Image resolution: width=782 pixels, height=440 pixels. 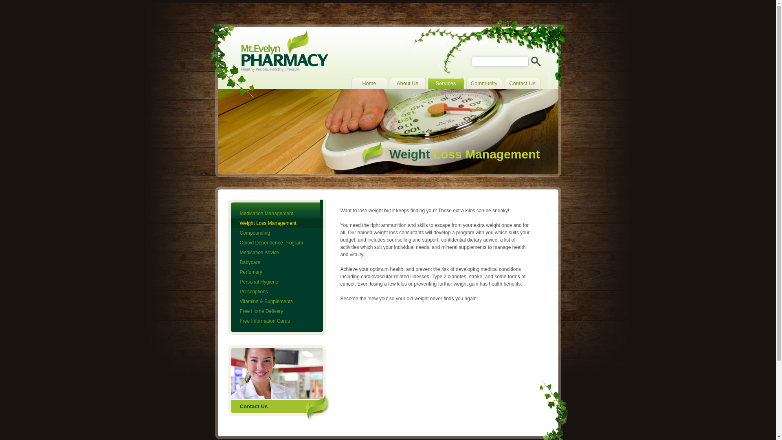 I want to click on 'Compounding', so click(x=276, y=233).